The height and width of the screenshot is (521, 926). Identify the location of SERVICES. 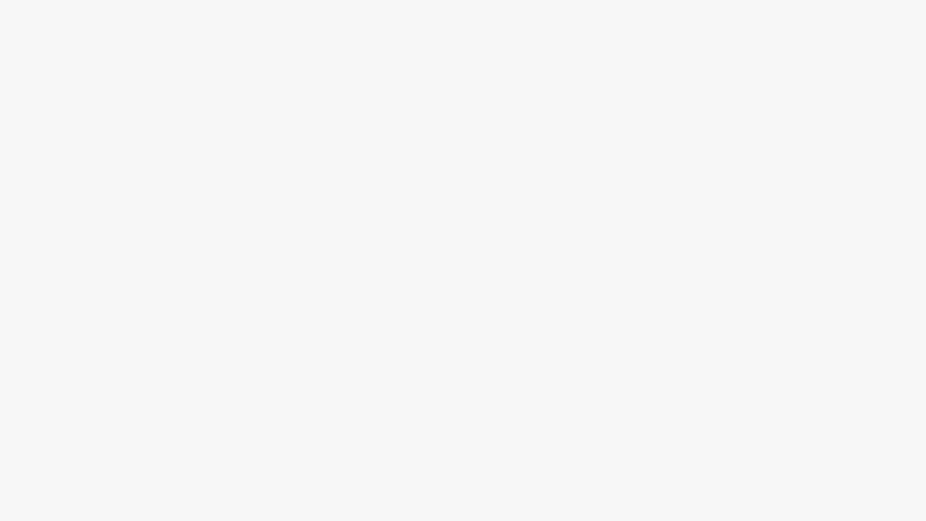
(655, 21).